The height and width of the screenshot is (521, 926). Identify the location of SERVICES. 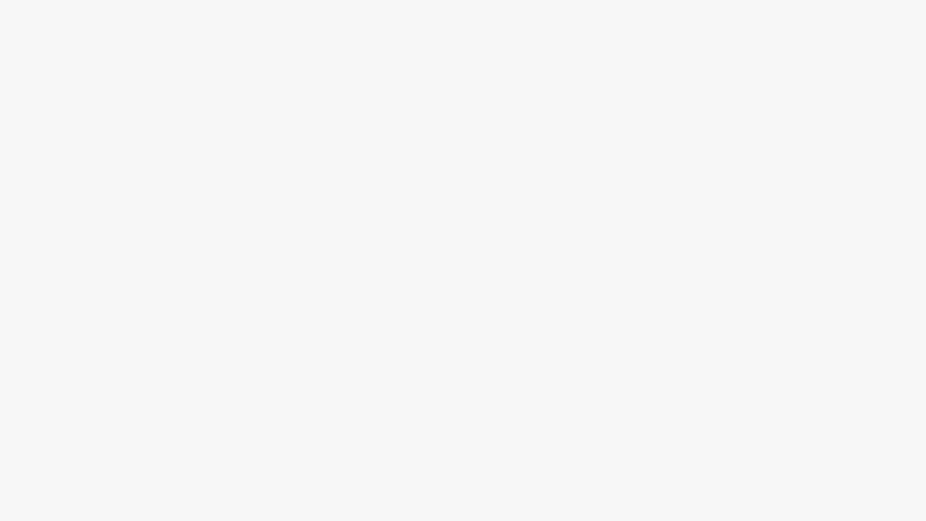
(655, 21).